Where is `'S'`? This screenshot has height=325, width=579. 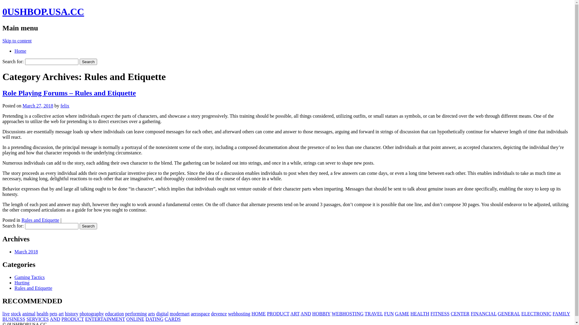
'S' is located at coordinates (27, 319).